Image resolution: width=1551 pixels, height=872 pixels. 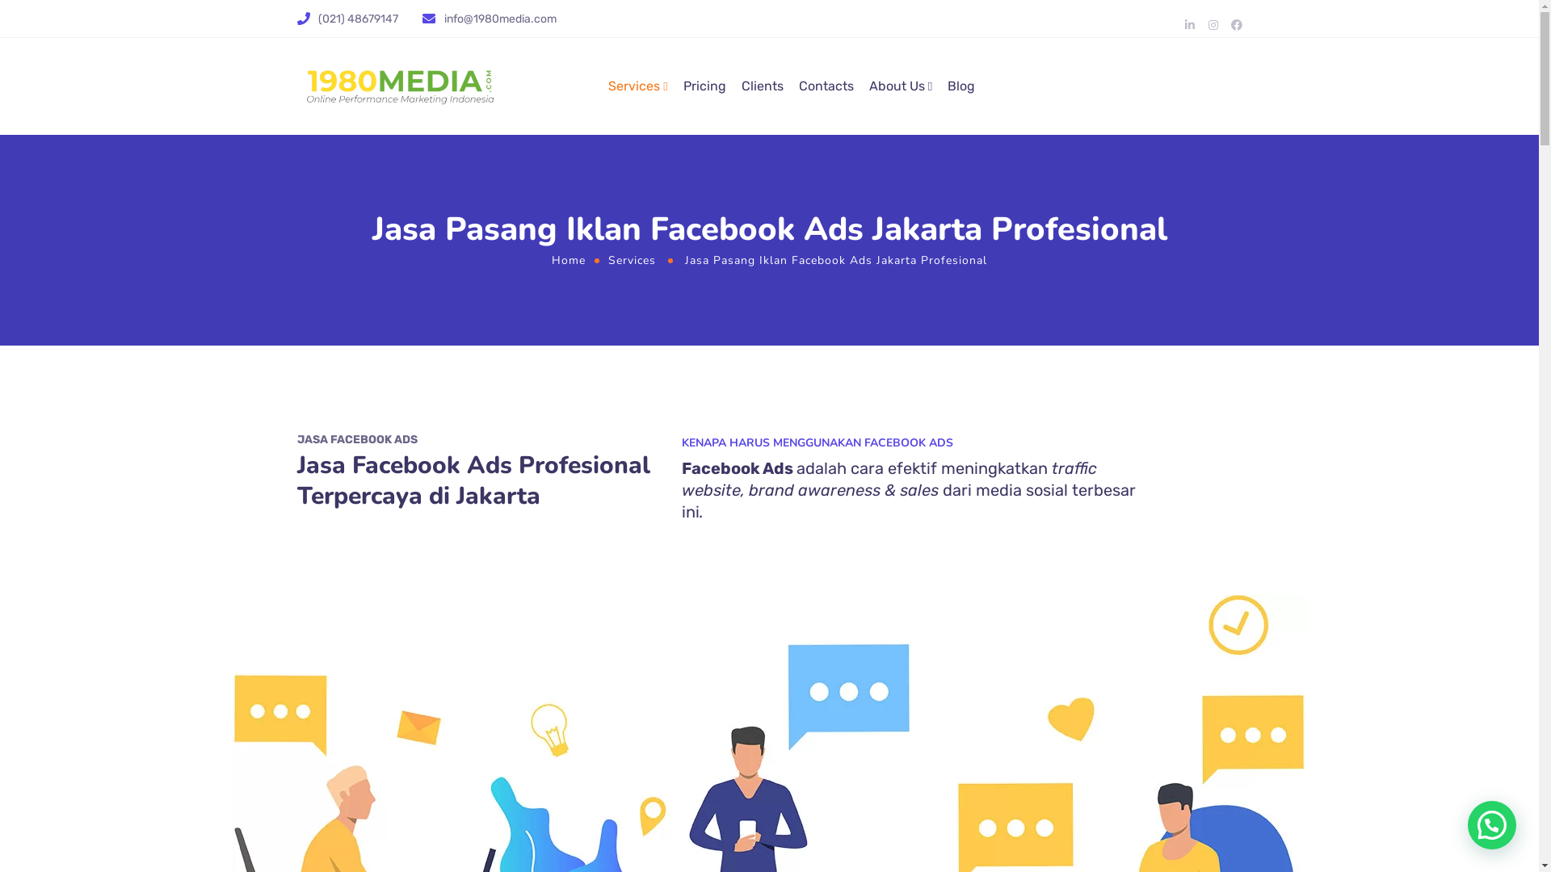 What do you see at coordinates (899, 86) in the screenshot?
I see `'About Us'` at bounding box center [899, 86].